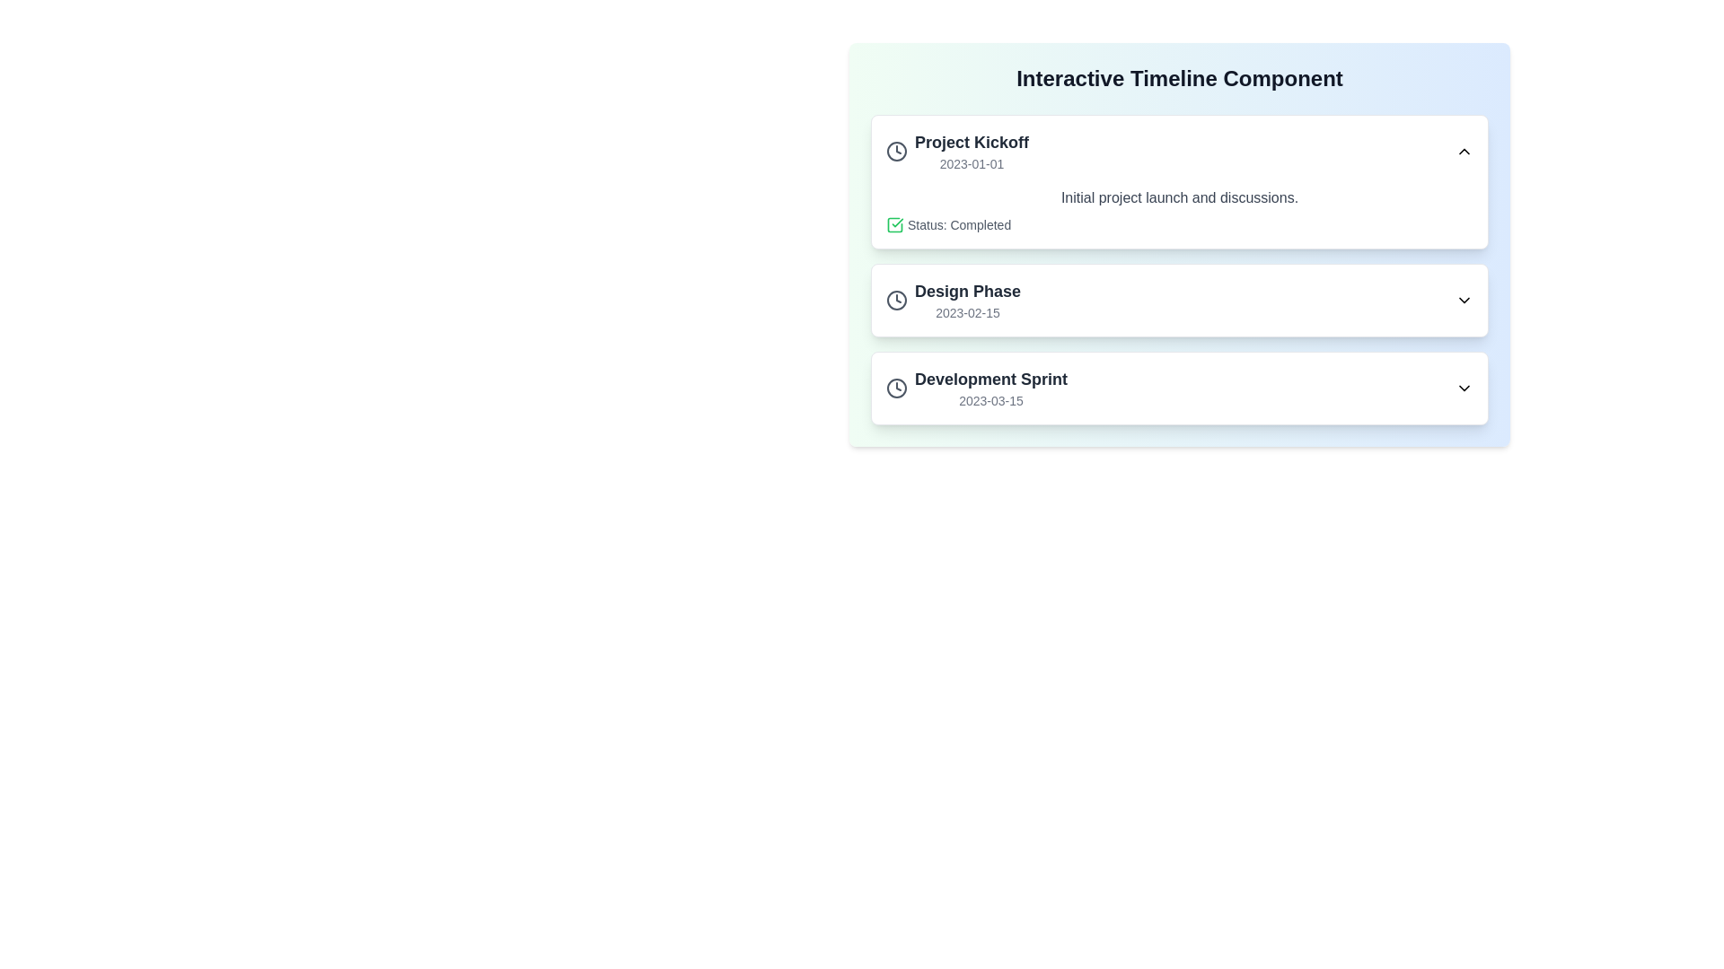 The height and width of the screenshot is (969, 1724). Describe the element at coordinates (967, 290) in the screenshot. I see `the text label displaying 'Design Phase' in bold, large dark gray font, positioned above the date '2023-02-15' in the vertical timeline interface` at that location.